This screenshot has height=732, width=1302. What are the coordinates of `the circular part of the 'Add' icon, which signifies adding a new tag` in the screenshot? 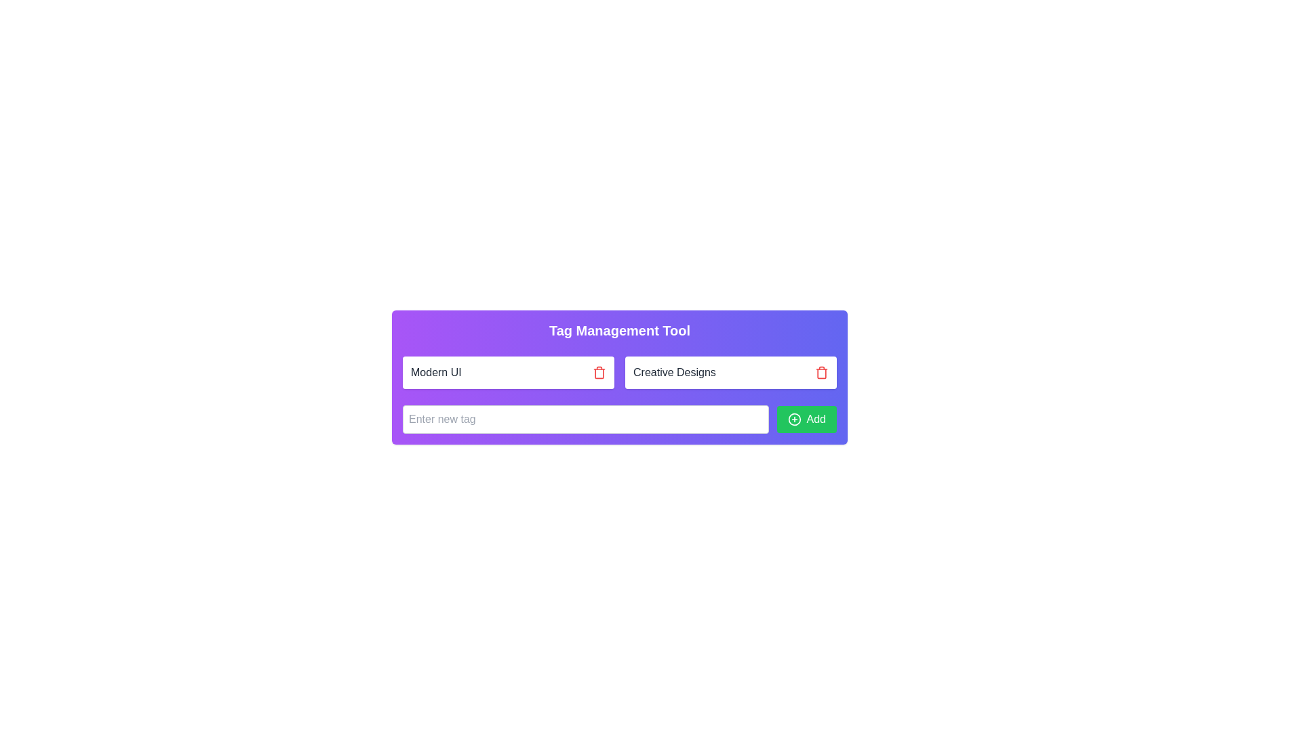 It's located at (794, 418).